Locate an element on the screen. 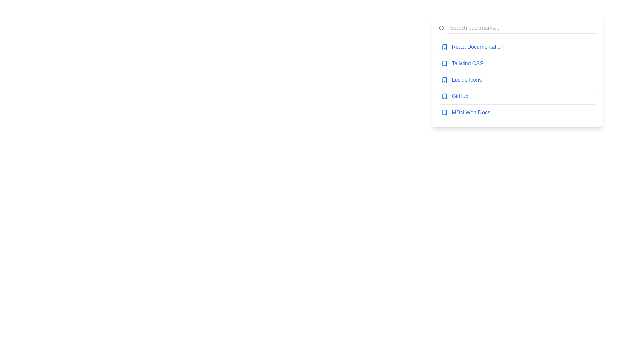 This screenshot has width=642, height=361. the bookmark link for React Documentation to navigate to the respective page is located at coordinates (477, 46).